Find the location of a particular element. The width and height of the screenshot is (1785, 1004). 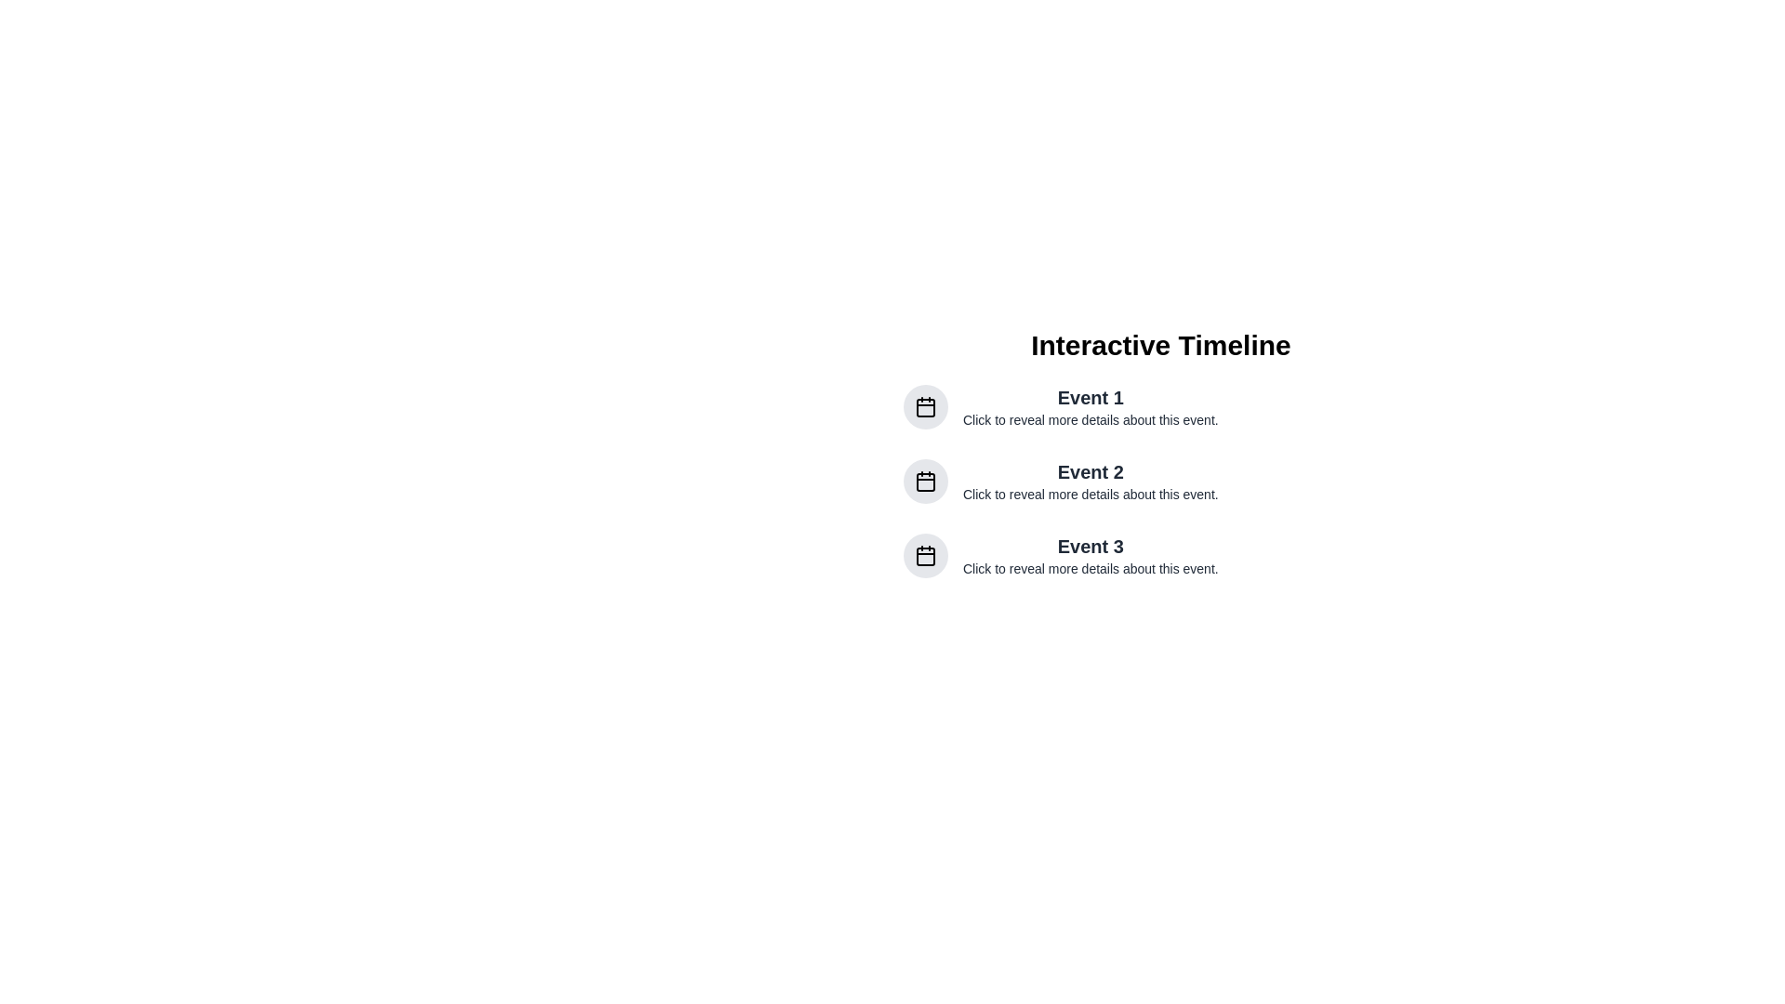

the rounded rectangle inside the calendar icon associated with the second event in the timeline, which has a light grey background is located at coordinates (926, 482).